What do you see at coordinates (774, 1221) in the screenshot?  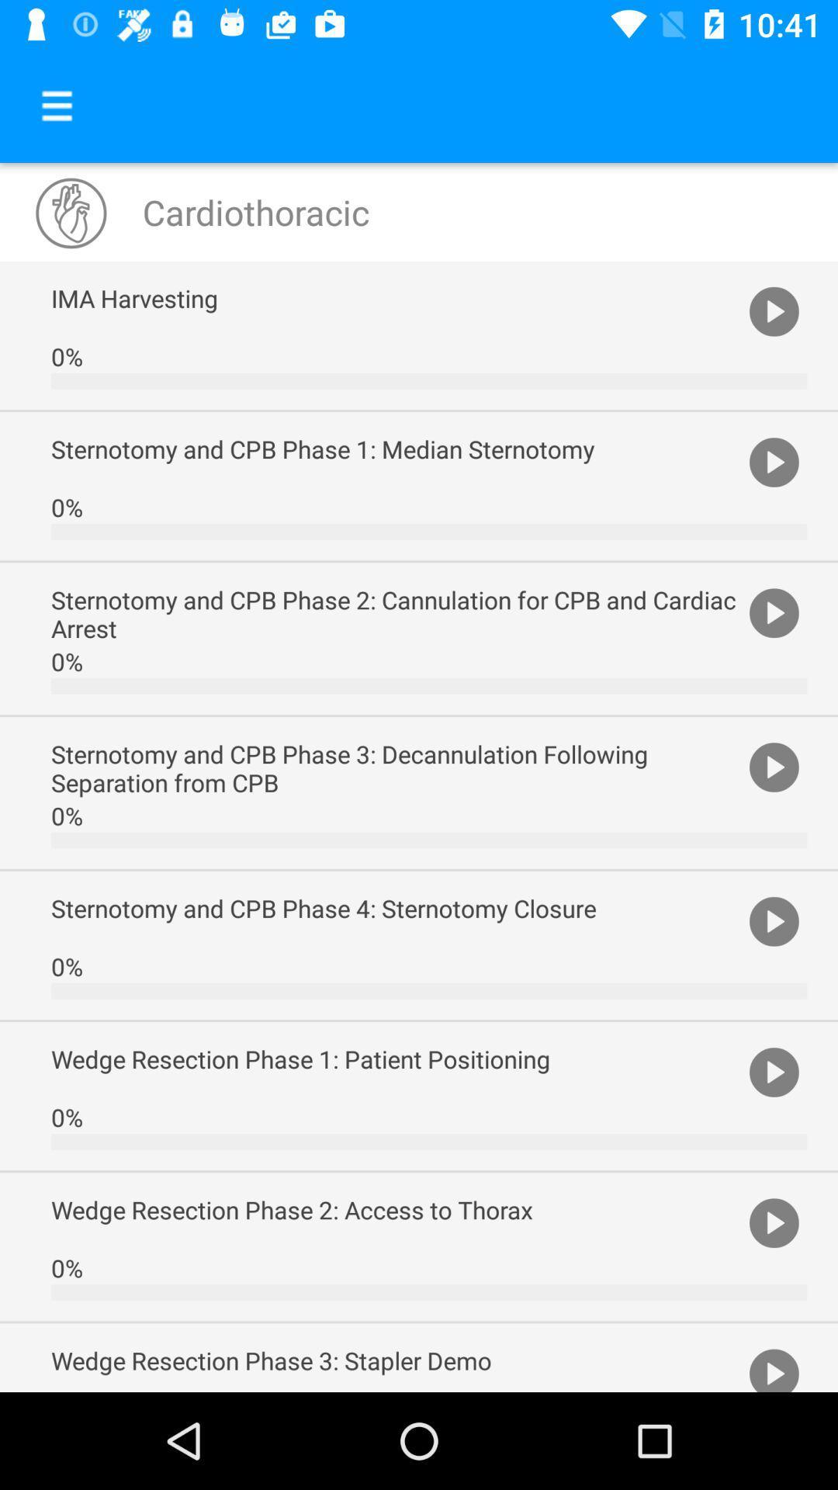 I see `icon to the right of wedge resection phase` at bounding box center [774, 1221].